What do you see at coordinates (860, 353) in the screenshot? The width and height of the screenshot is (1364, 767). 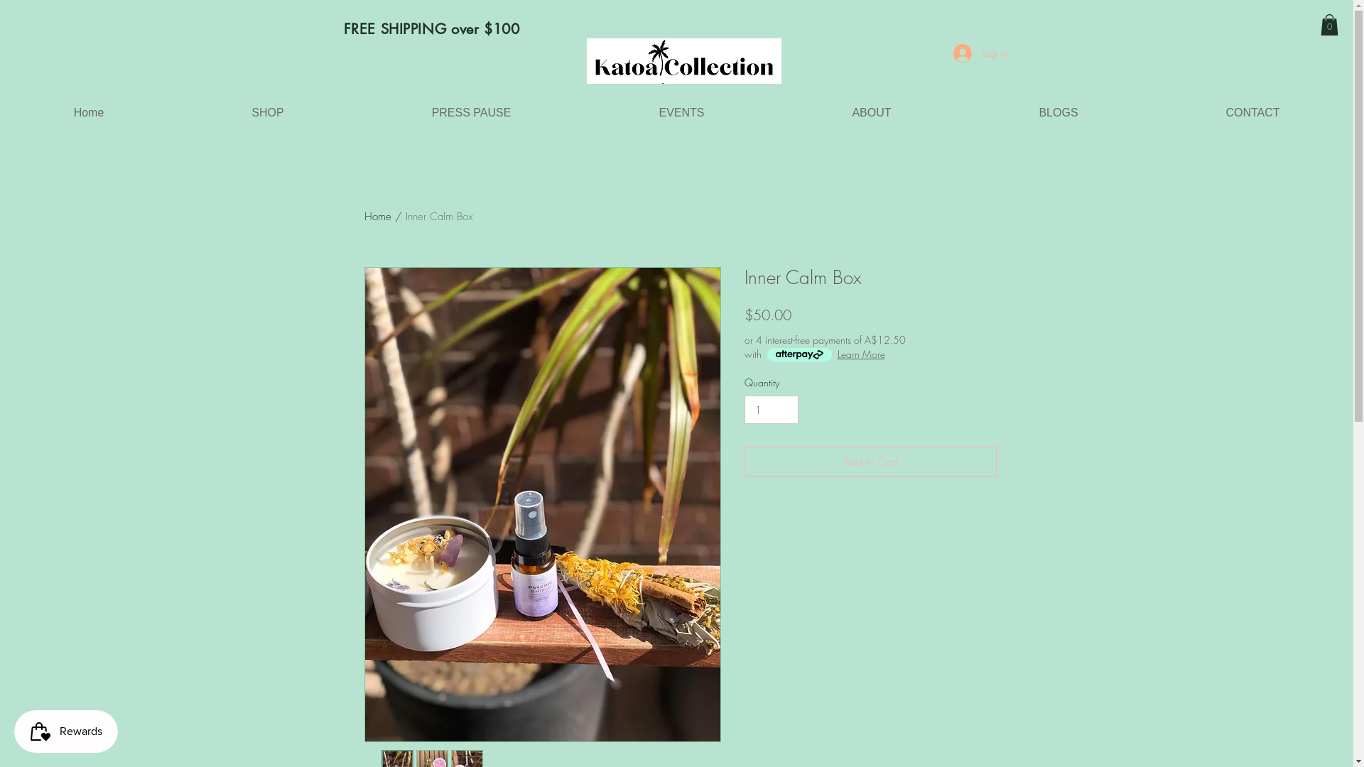 I see `'Learn More'` at bounding box center [860, 353].